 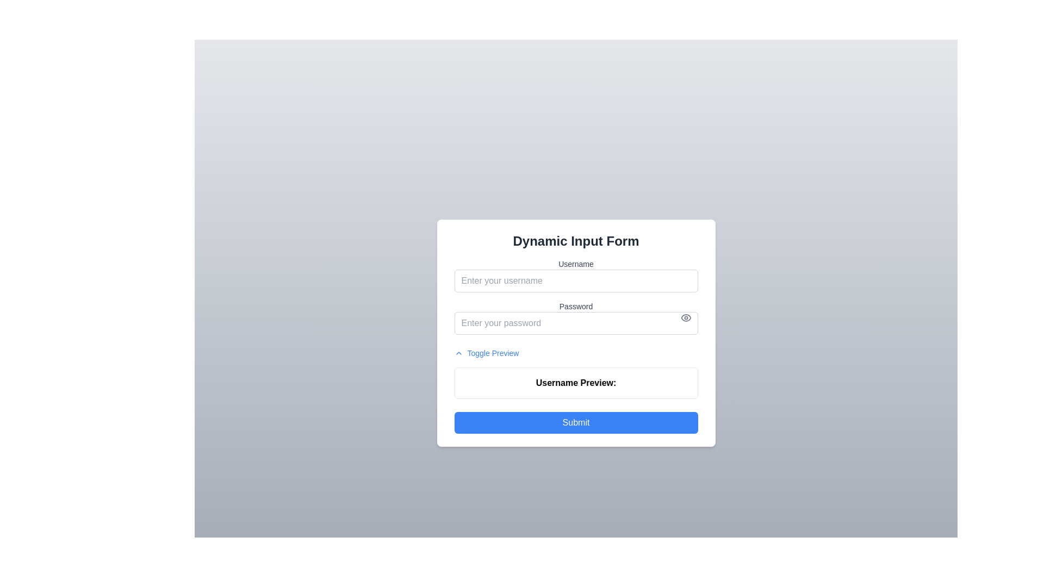 What do you see at coordinates (575, 240) in the screenshot?
I see `the bold, large-sized heading text reading 'Dynamic Input Form' located at the top of the white form card` at bounding box center [575, 240].